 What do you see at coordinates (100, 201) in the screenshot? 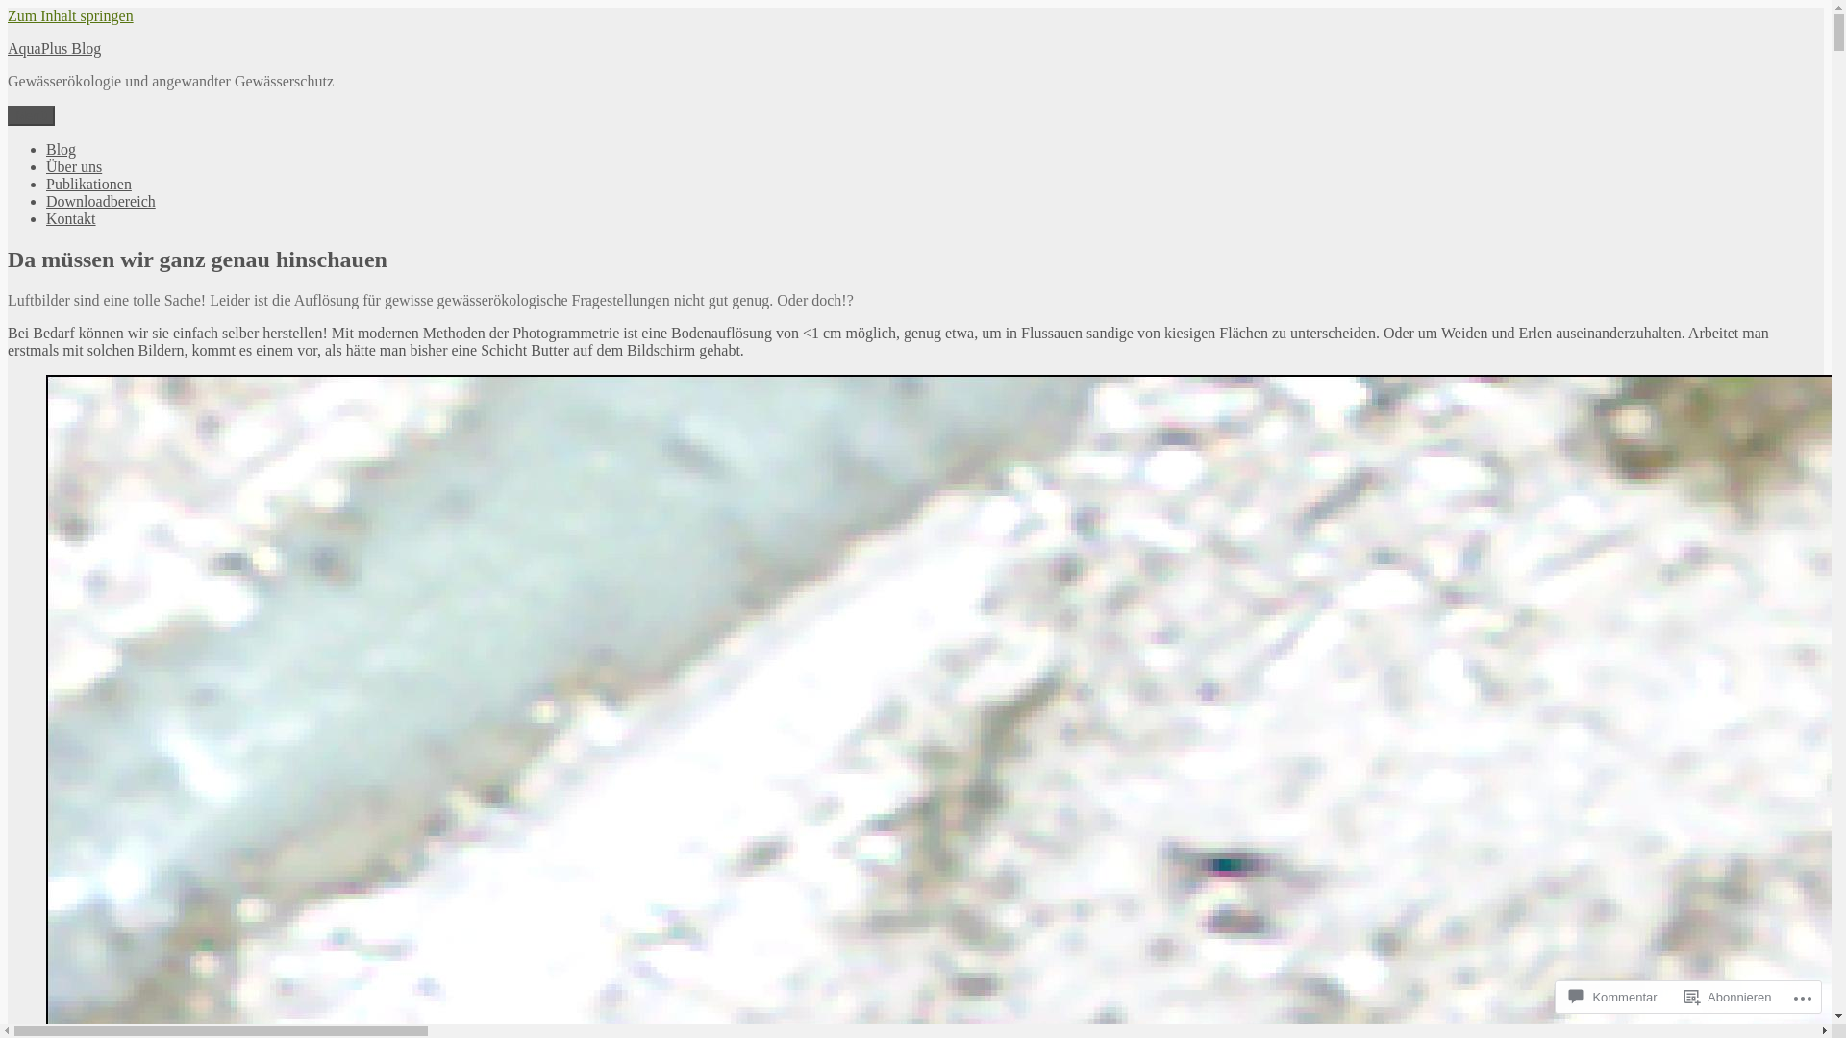
I see `'Downloadbereich'` at bounding box center [100, 201].